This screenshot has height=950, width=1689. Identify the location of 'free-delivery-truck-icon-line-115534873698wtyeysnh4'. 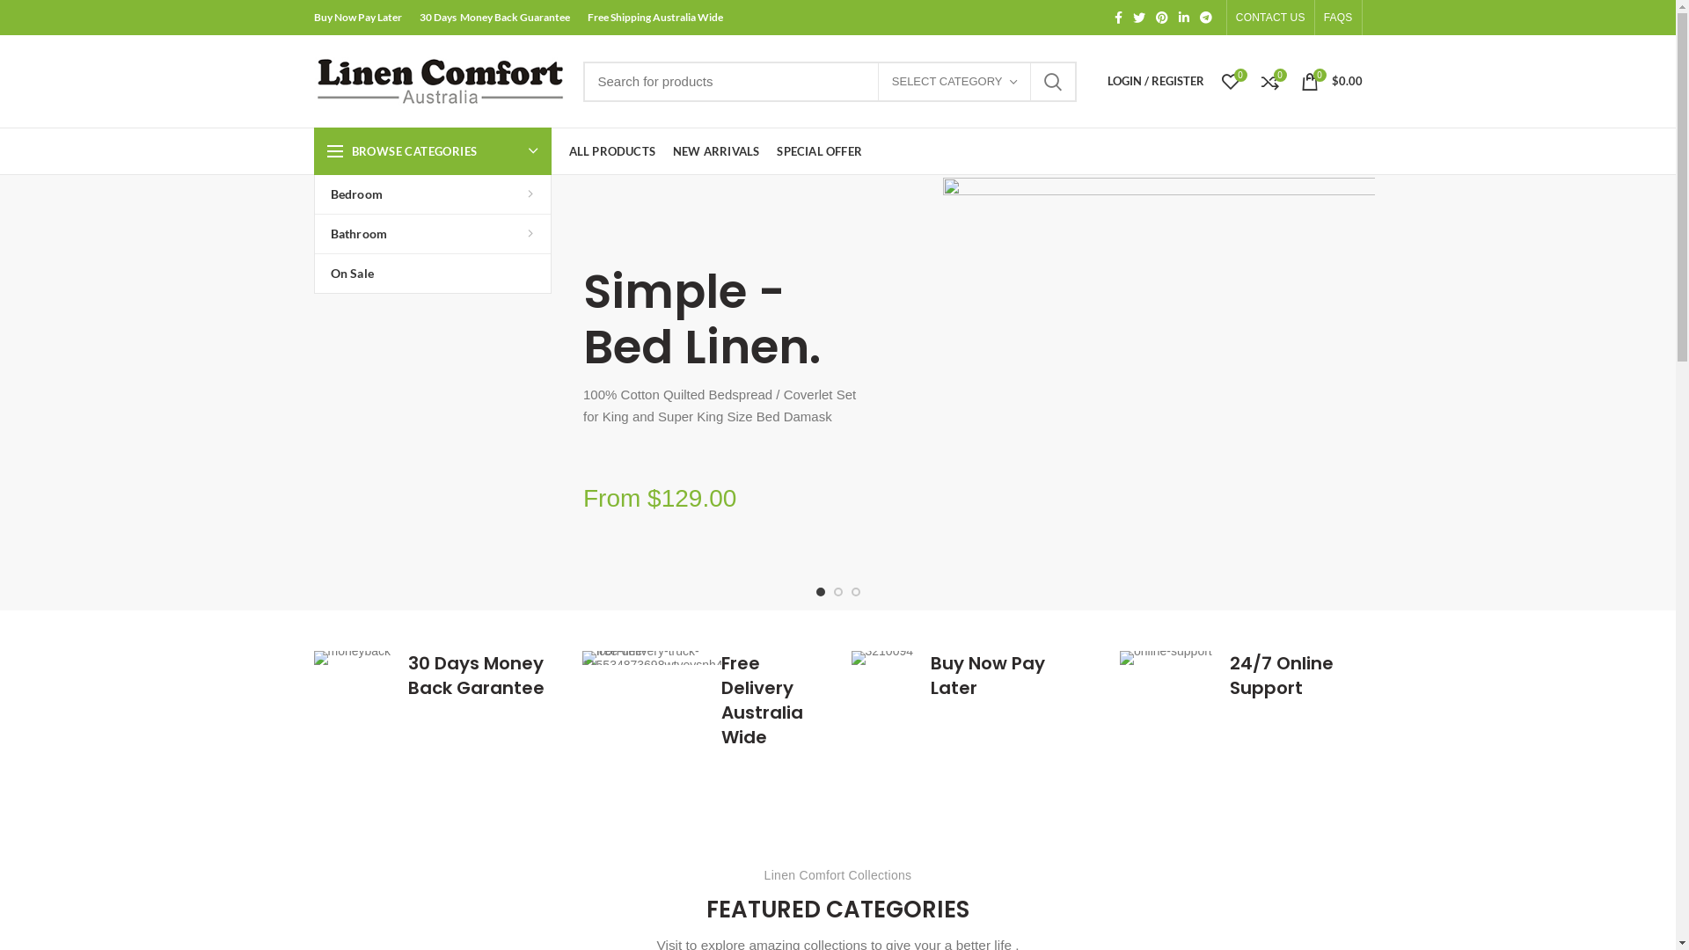
(652, 658).